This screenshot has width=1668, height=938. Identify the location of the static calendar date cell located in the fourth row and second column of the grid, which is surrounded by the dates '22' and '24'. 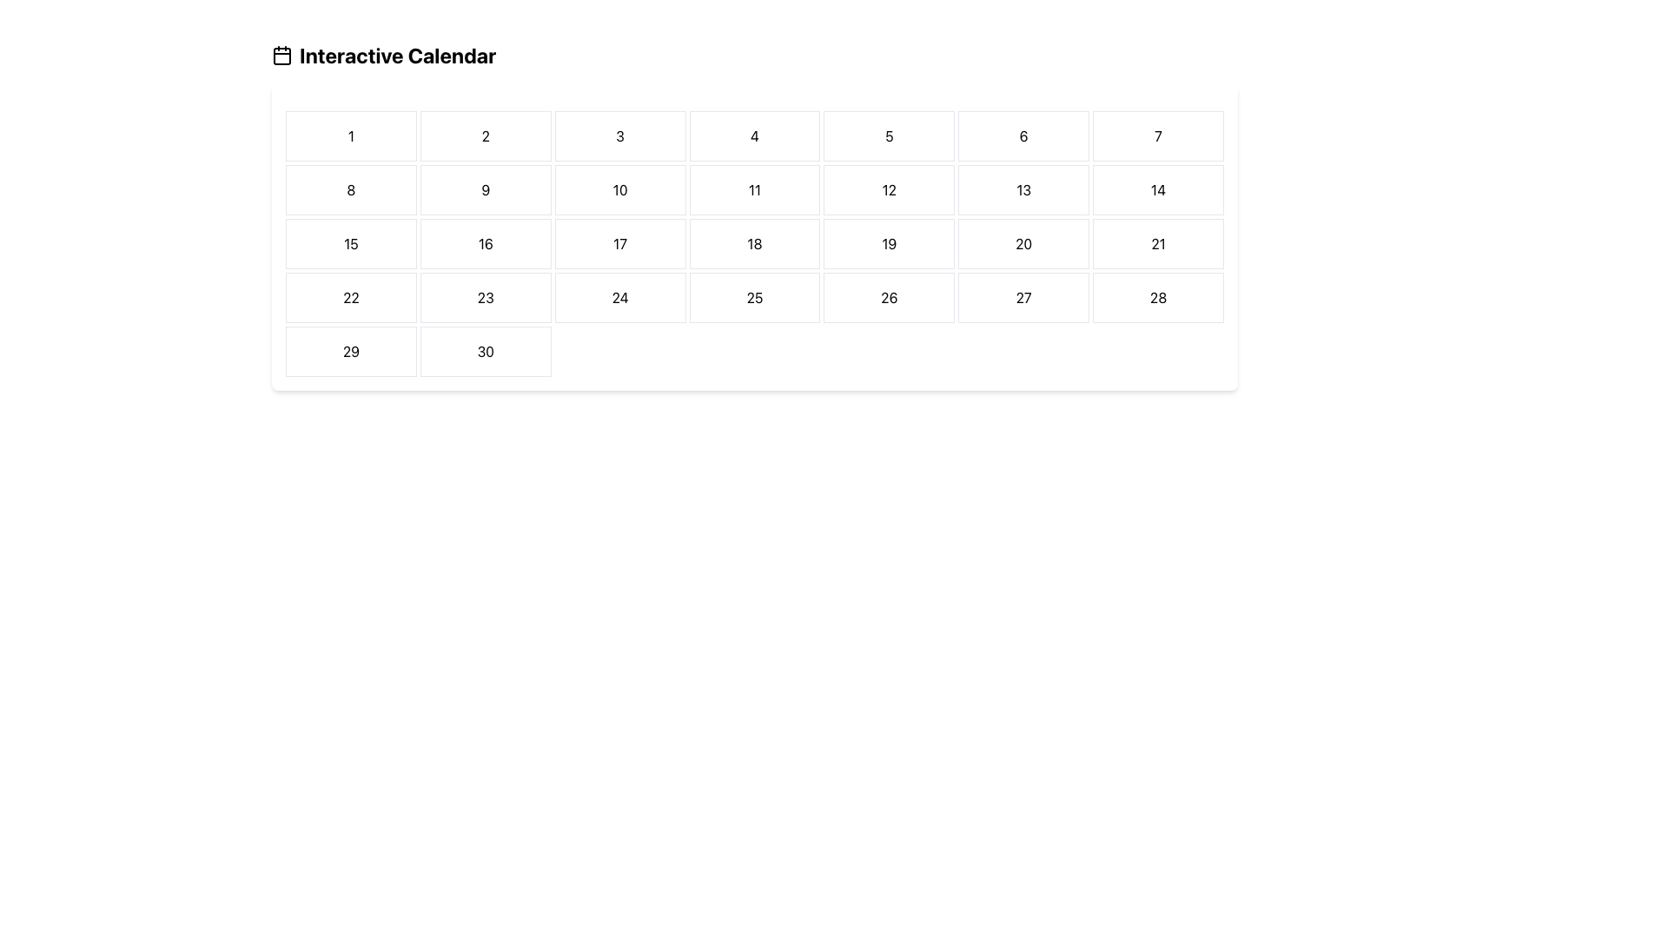
(486, 297).